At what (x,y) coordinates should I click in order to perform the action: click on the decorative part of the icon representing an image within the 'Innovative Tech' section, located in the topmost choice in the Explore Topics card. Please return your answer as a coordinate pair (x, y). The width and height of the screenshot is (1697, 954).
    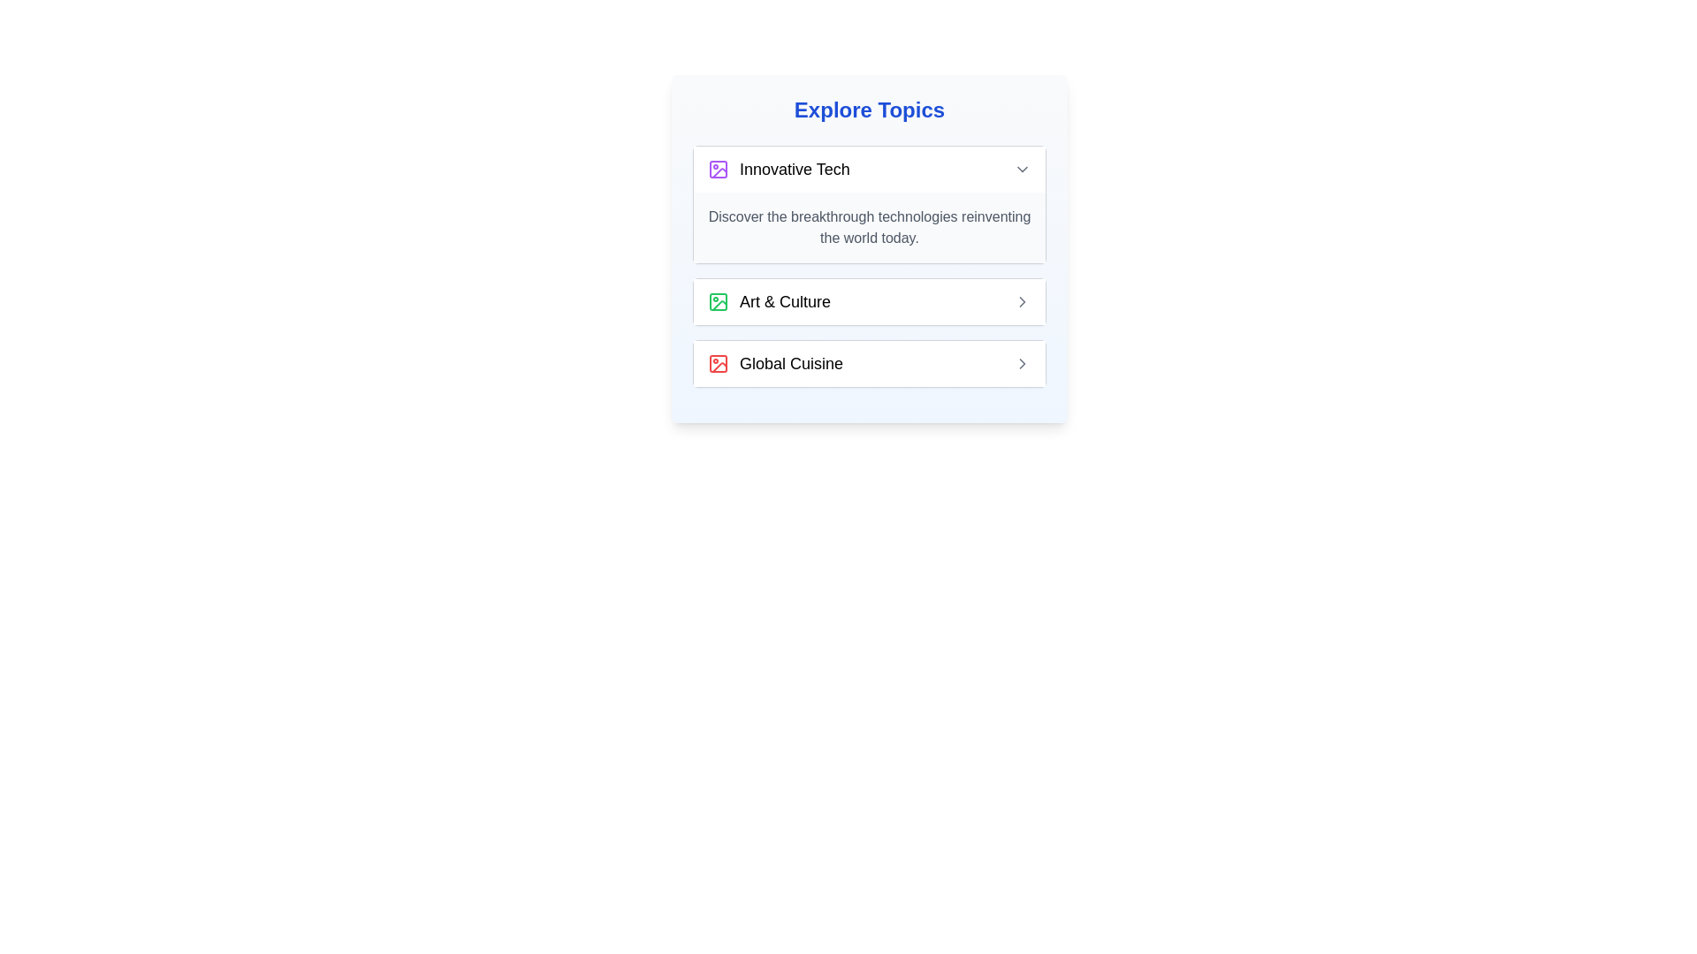
    Looking at the image, I should click on (719, 173).